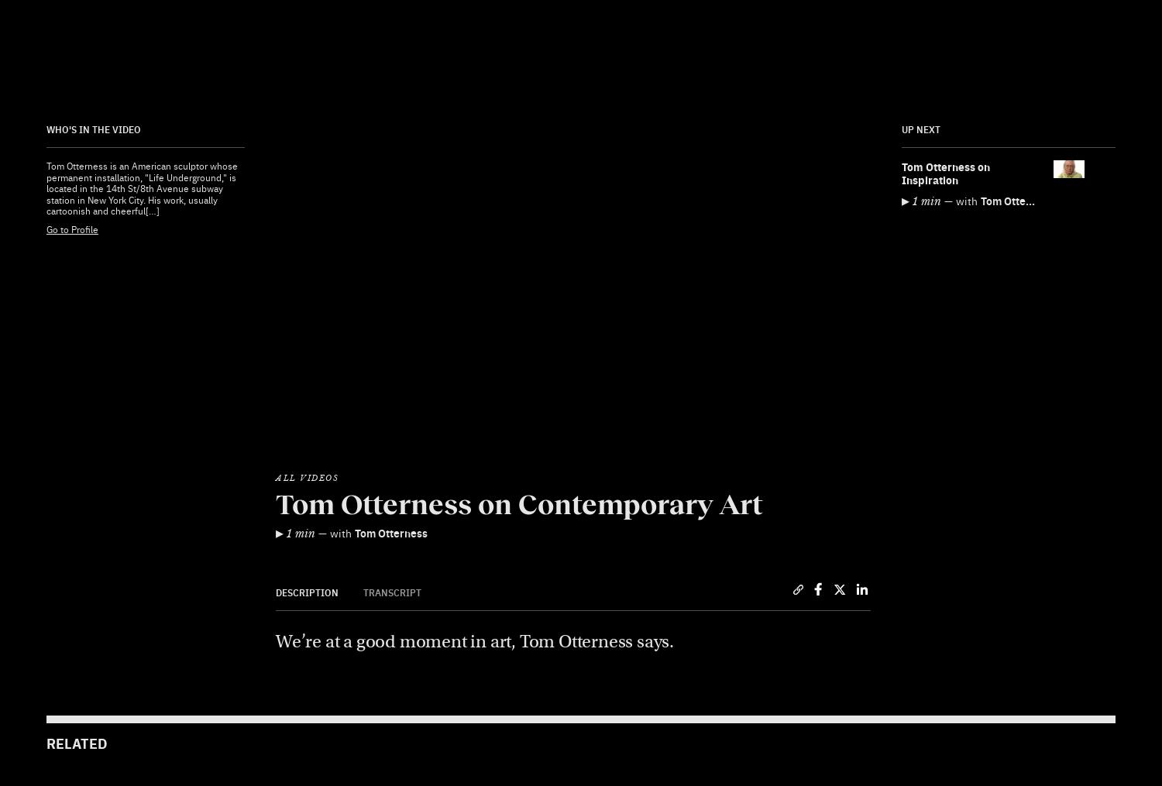 The image size is (1162, 786). Describe the element at coordinates (644, 527) in the screenshot. I see `'The Big Think Interview'` at that location.